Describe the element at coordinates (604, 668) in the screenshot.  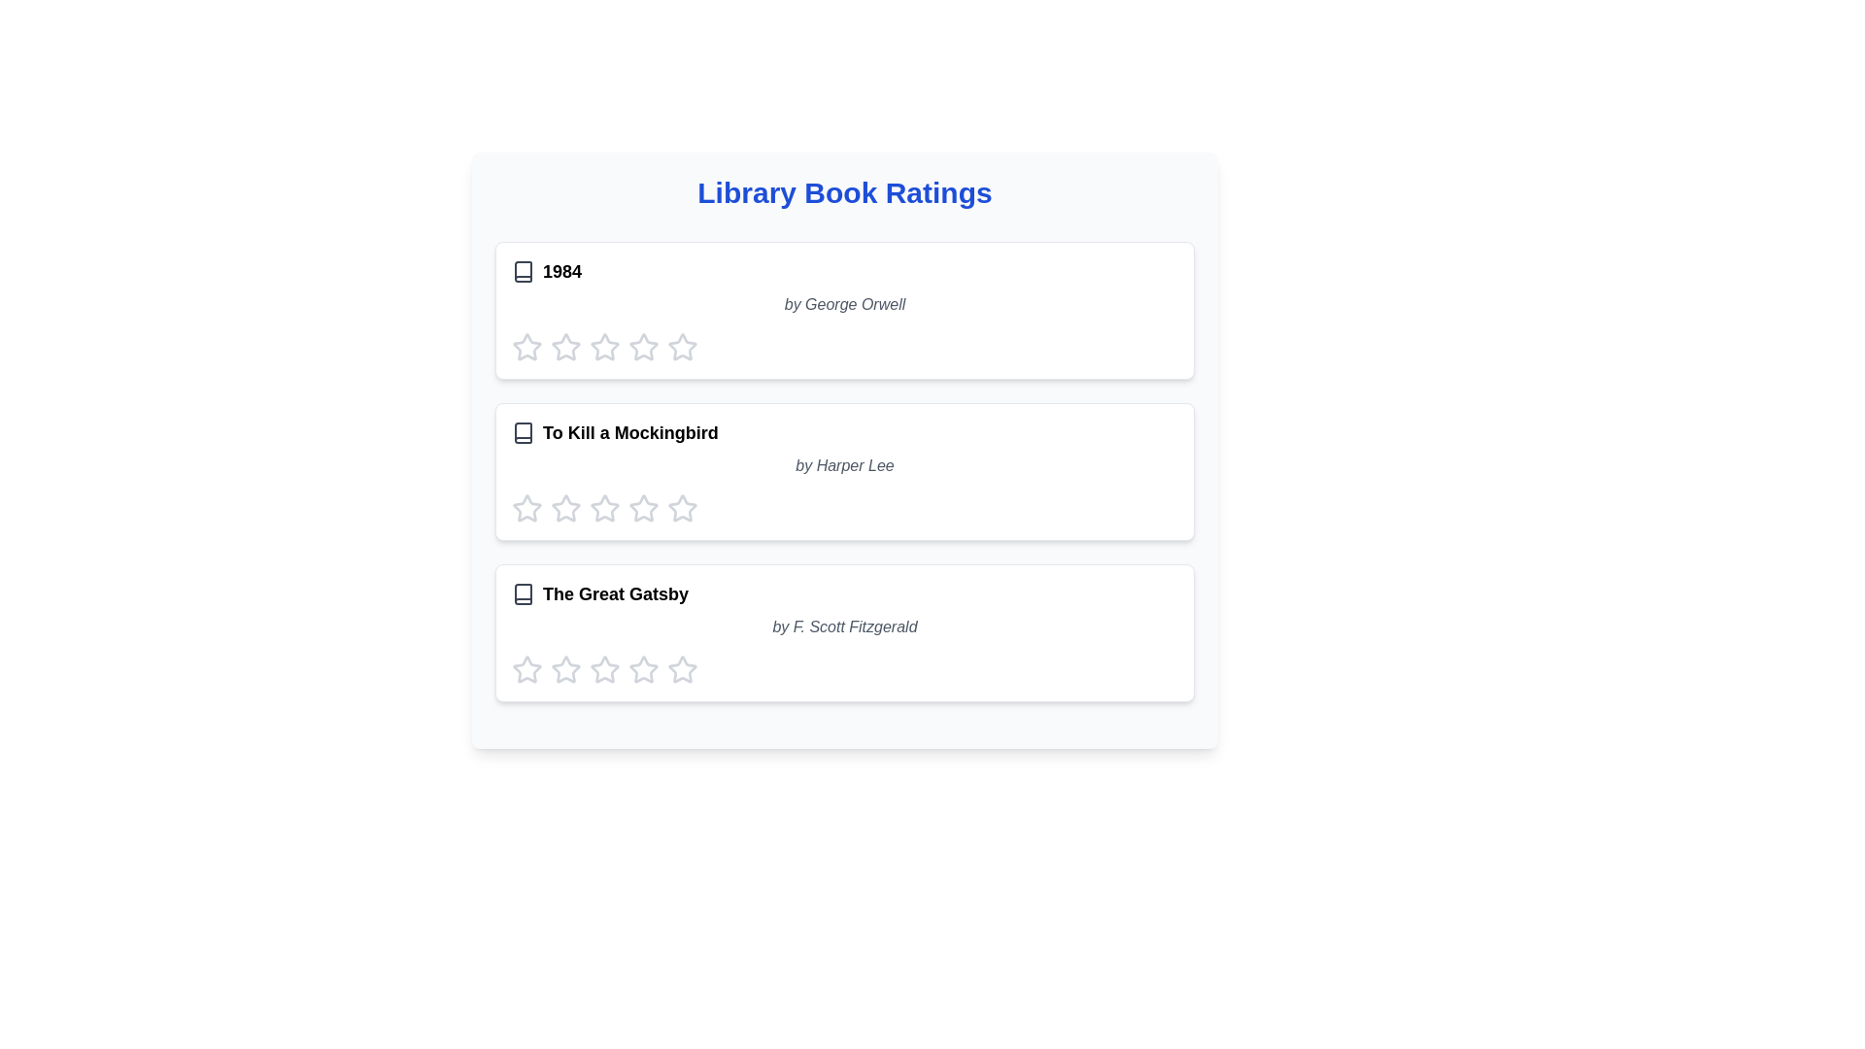
I see `the first star-shaped rating icon for 'The Great Gatsby'` at that location.